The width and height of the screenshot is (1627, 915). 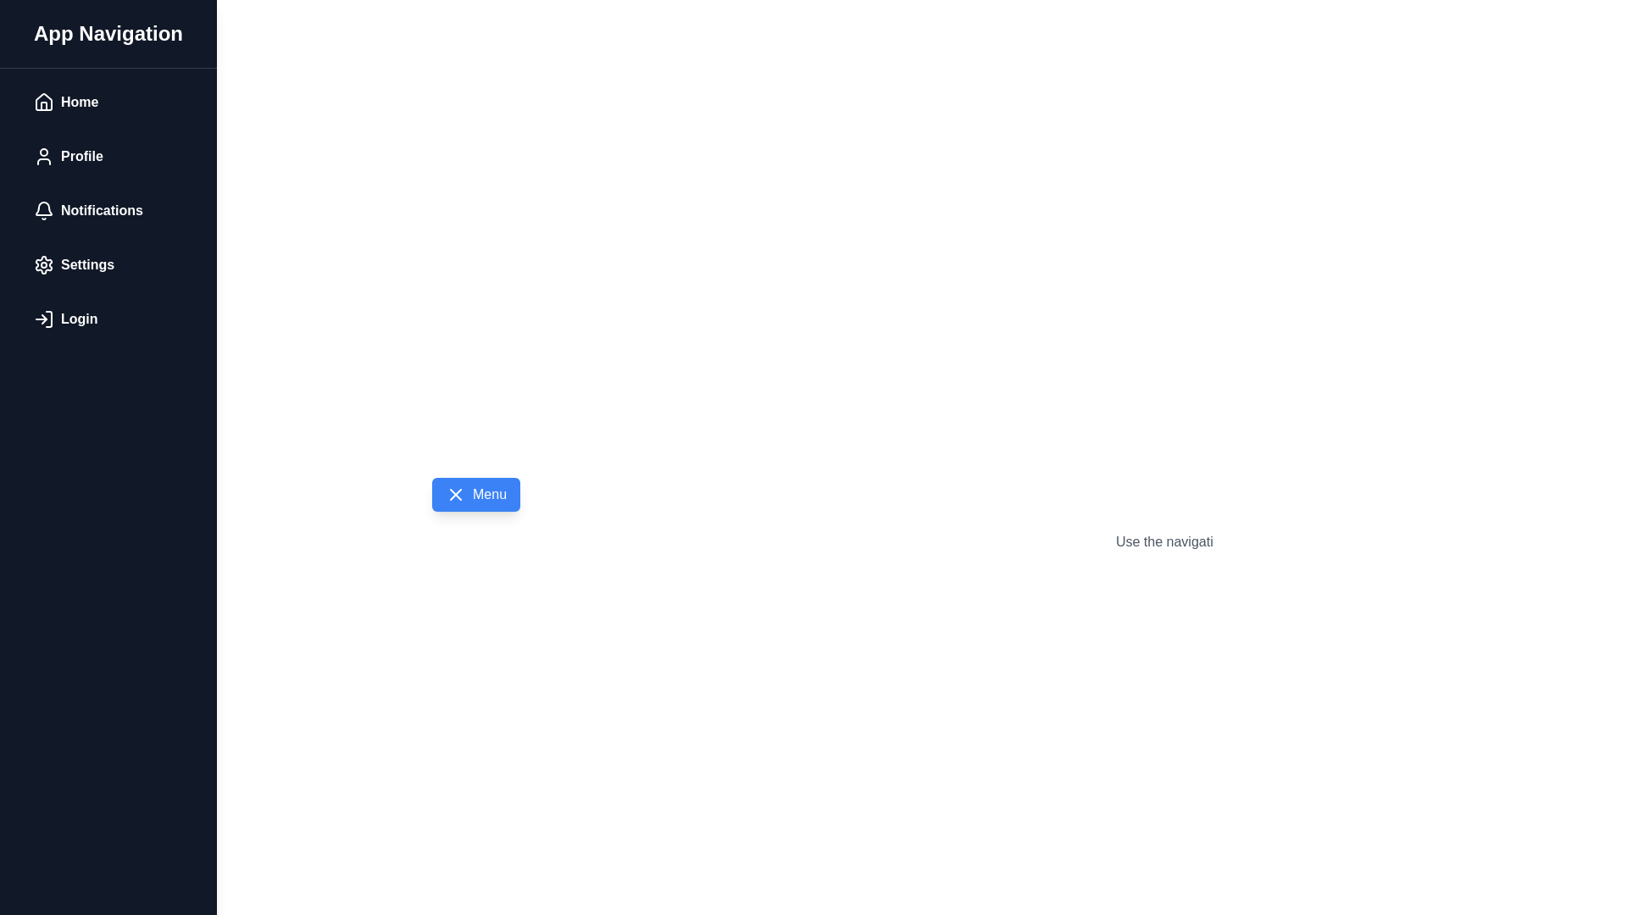 I want to click on the 'Settings' text label element located in the left sidebar navigation menu, so click(x=86, y=264).